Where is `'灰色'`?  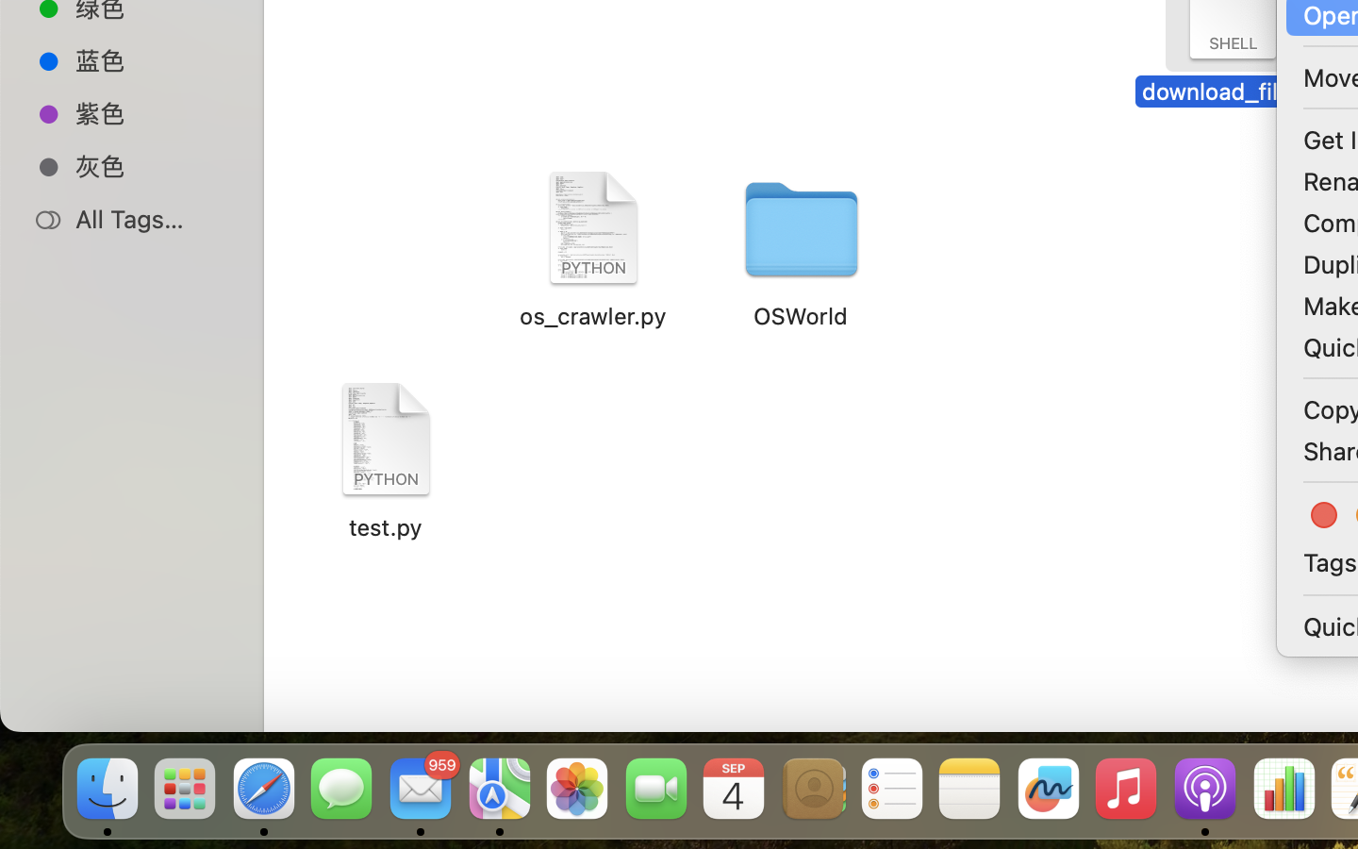
'灰色' is located at coordinates (150, 166).